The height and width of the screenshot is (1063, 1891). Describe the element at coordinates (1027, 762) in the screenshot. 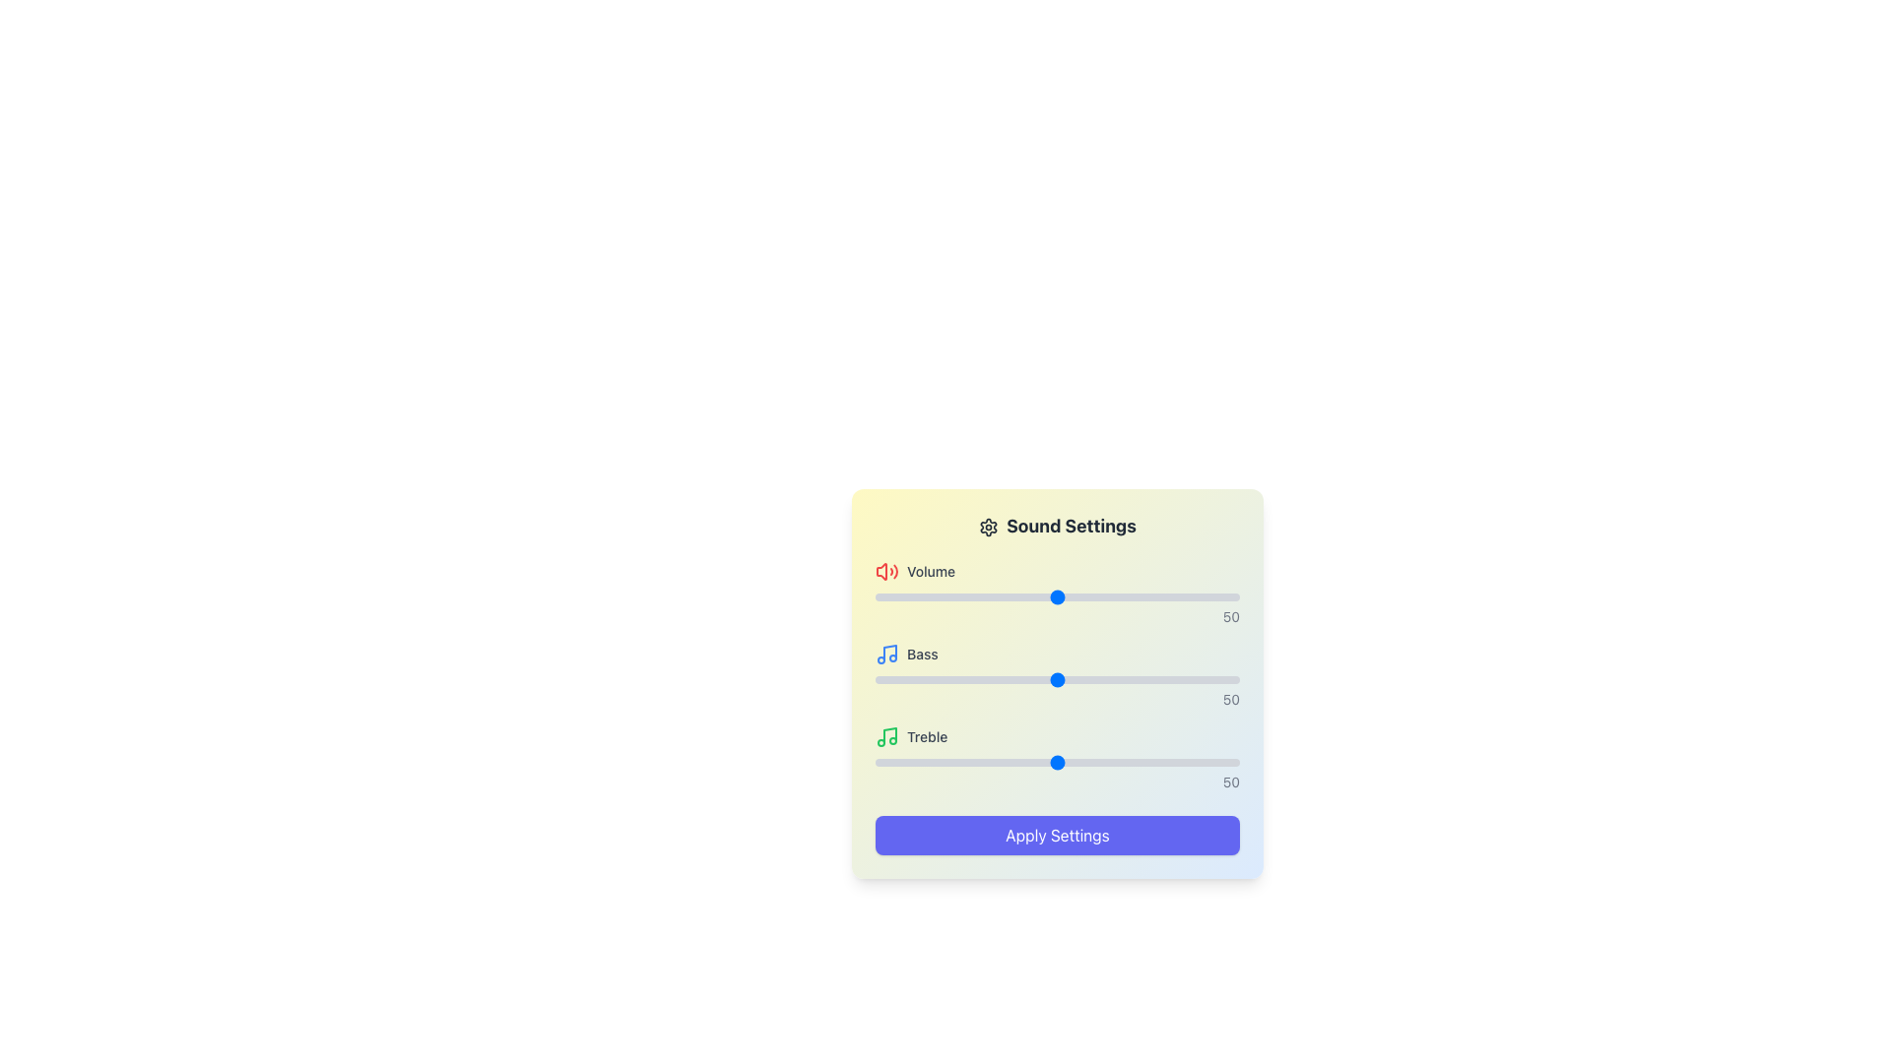

I see `the treble level` at that location.